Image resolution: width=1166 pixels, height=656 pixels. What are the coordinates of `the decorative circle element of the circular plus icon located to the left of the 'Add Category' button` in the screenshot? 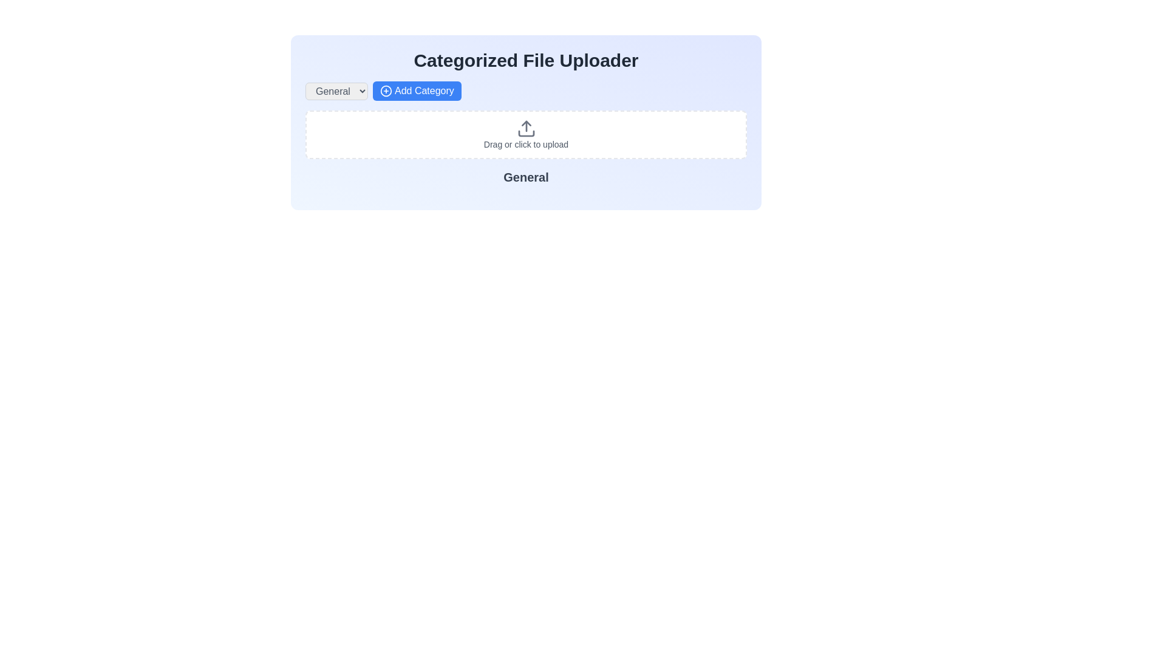 It's located at (385, 91).